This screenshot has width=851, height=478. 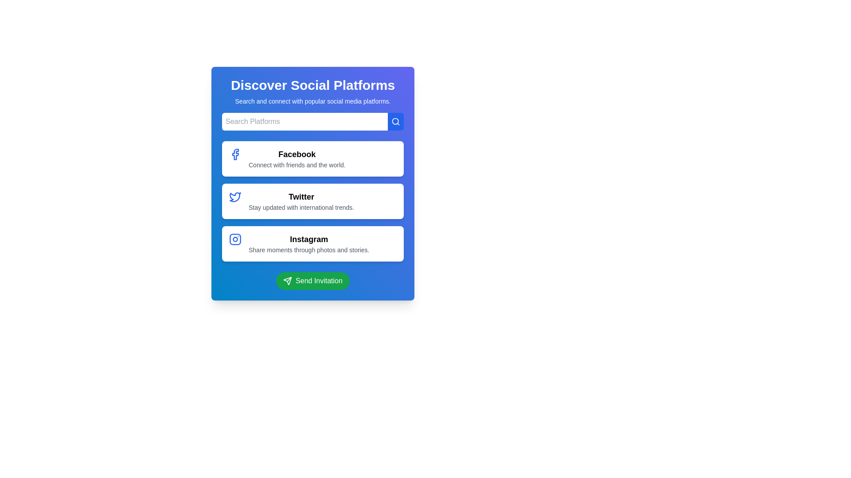 I want to click on the text label that says 'Share moments through photos and stories.' located under the bold 'Instagram' text in the Instagram section of the UI, so click(x=309, y=250).